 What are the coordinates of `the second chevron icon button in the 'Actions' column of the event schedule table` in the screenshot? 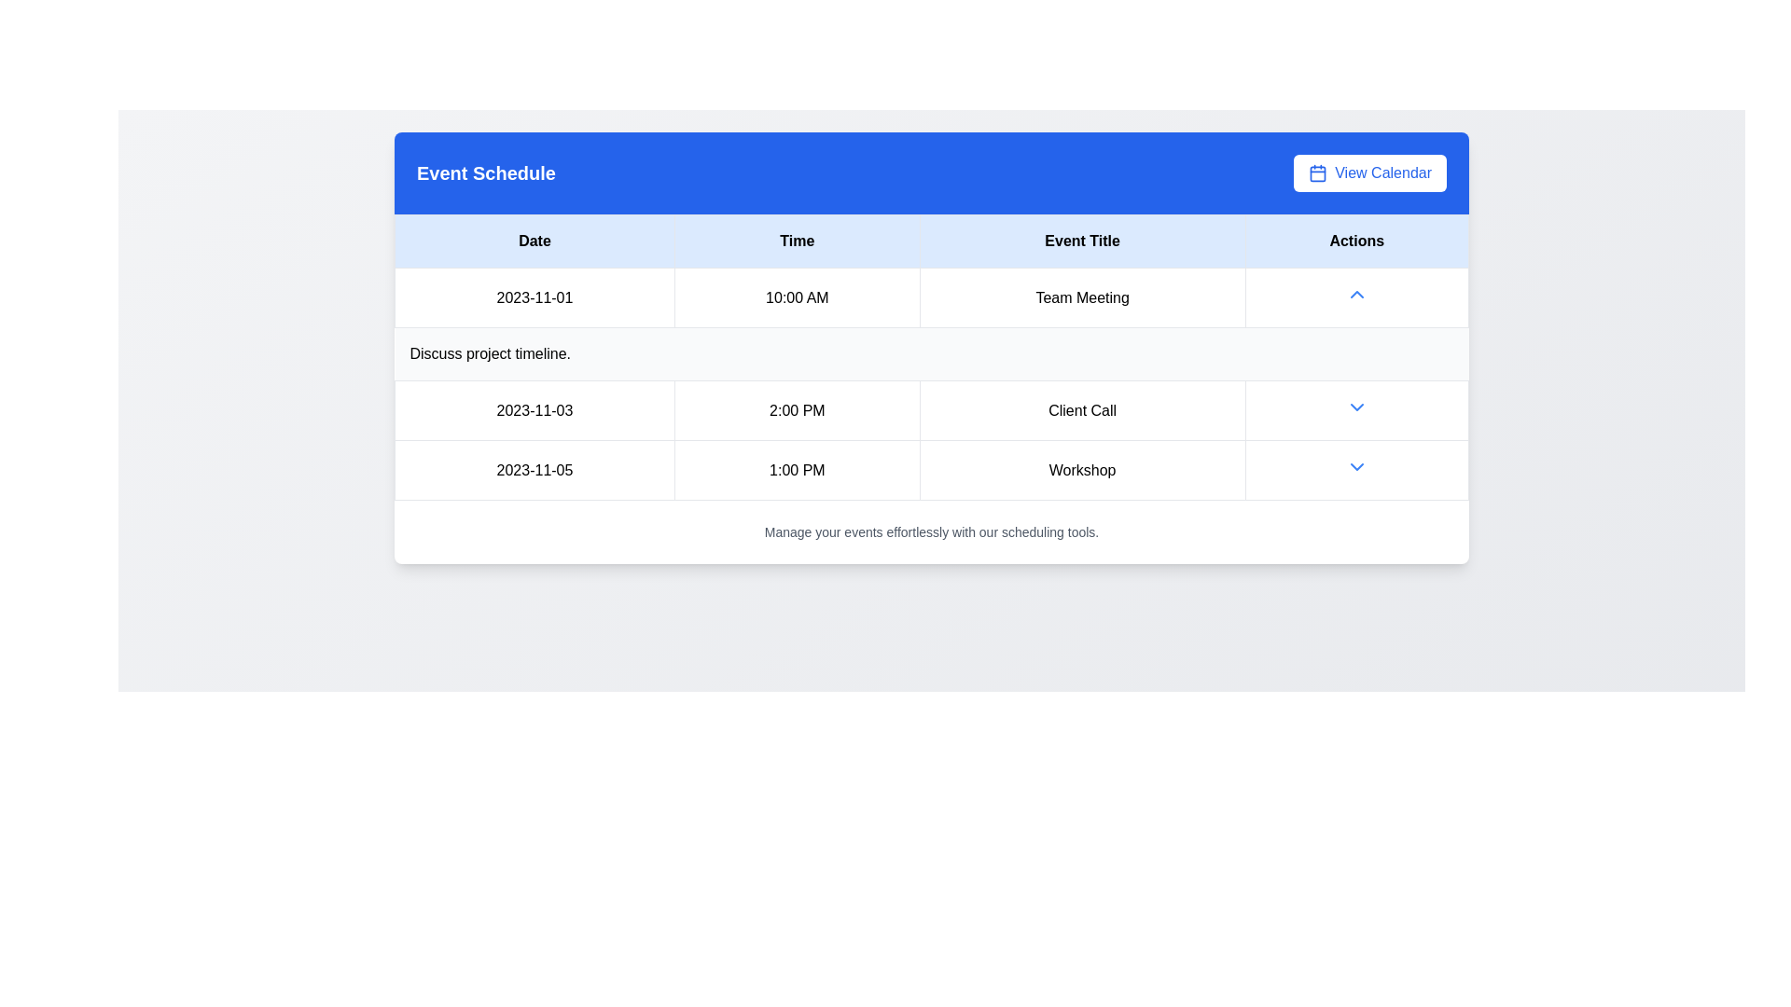 It's located at (1356, 406).